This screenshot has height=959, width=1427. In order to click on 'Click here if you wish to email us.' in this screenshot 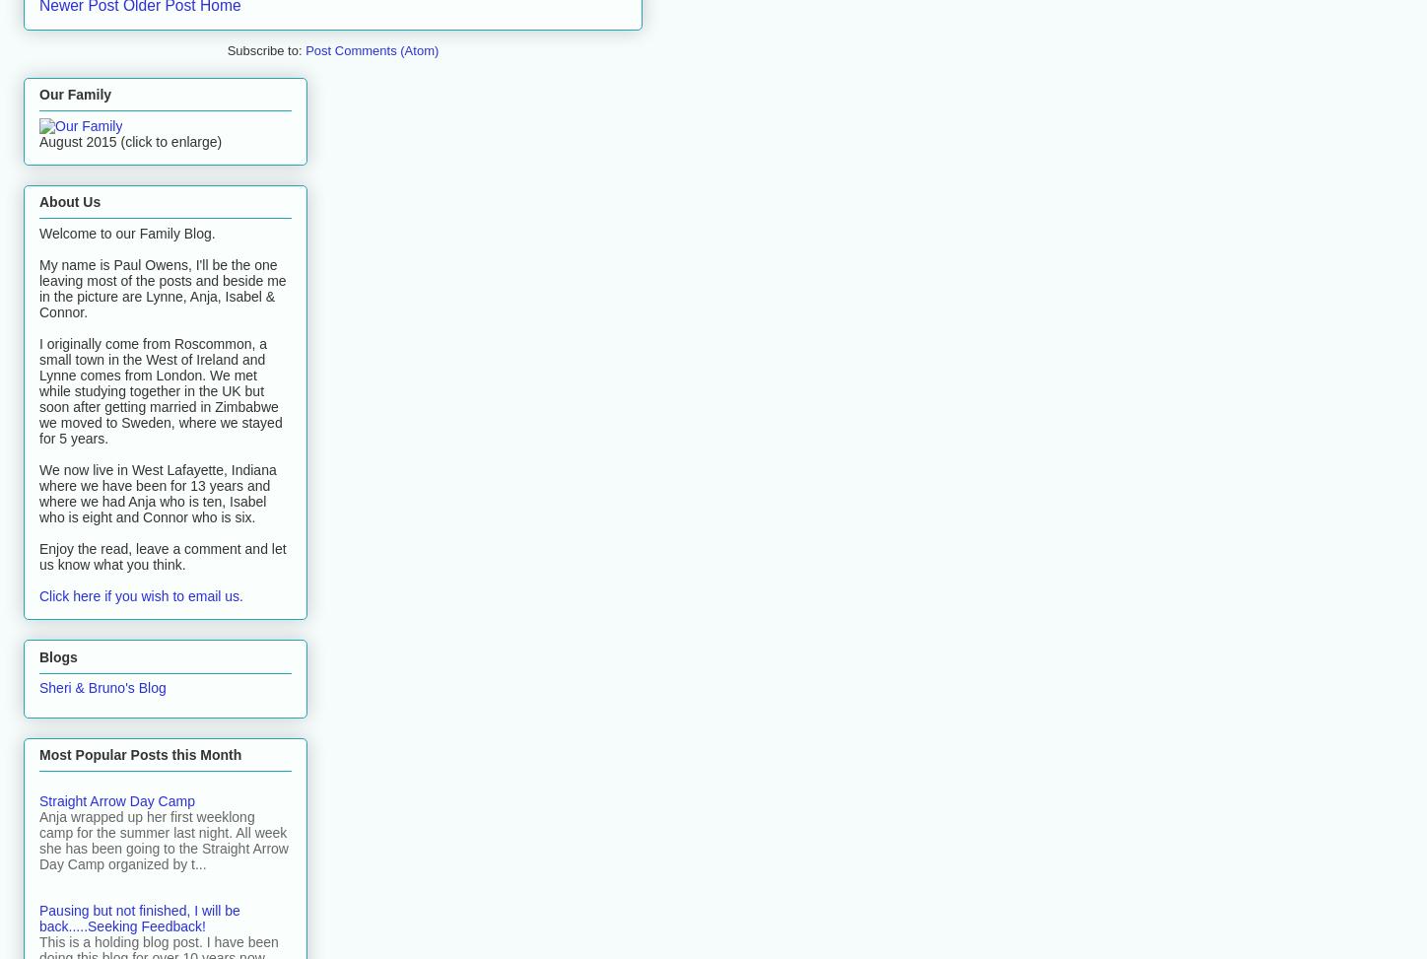, I will do `click(140, 596)`.